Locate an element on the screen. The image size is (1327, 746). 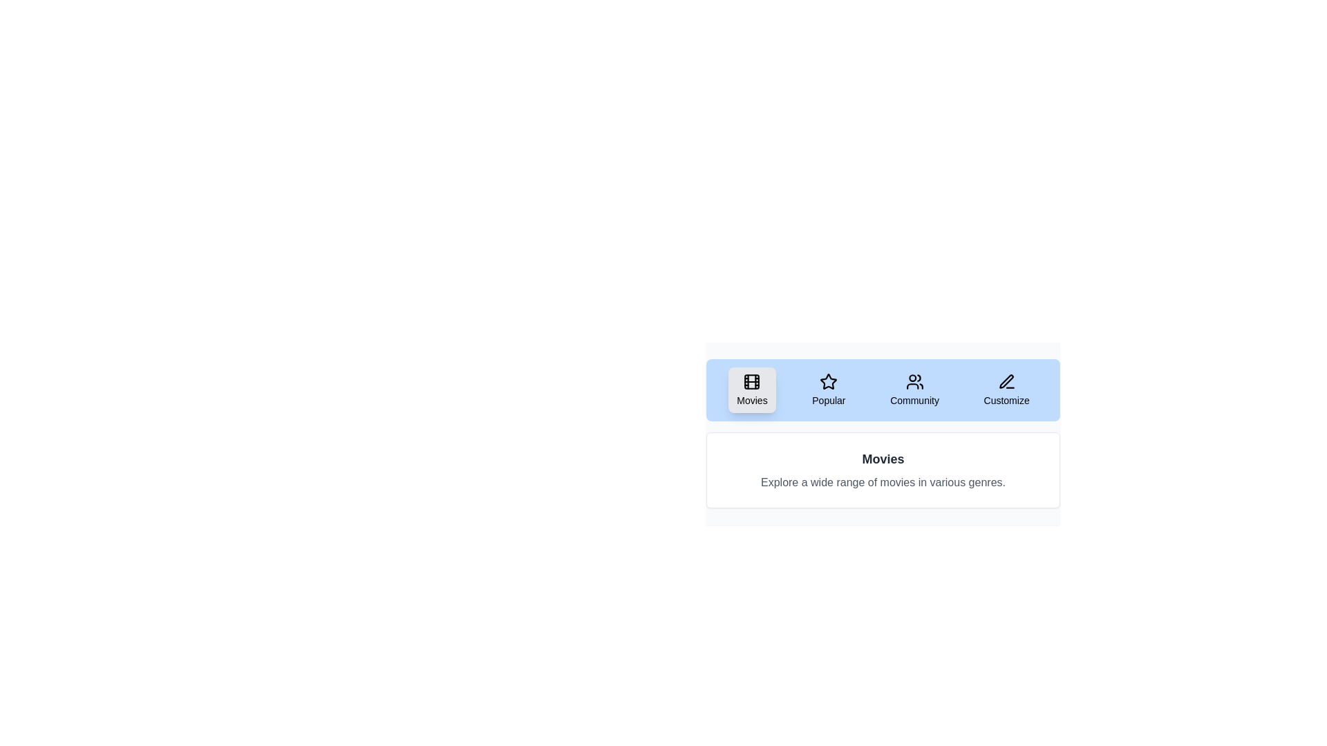
the Customize tab to observe its hover effect is located at coordinates (1006, 390).